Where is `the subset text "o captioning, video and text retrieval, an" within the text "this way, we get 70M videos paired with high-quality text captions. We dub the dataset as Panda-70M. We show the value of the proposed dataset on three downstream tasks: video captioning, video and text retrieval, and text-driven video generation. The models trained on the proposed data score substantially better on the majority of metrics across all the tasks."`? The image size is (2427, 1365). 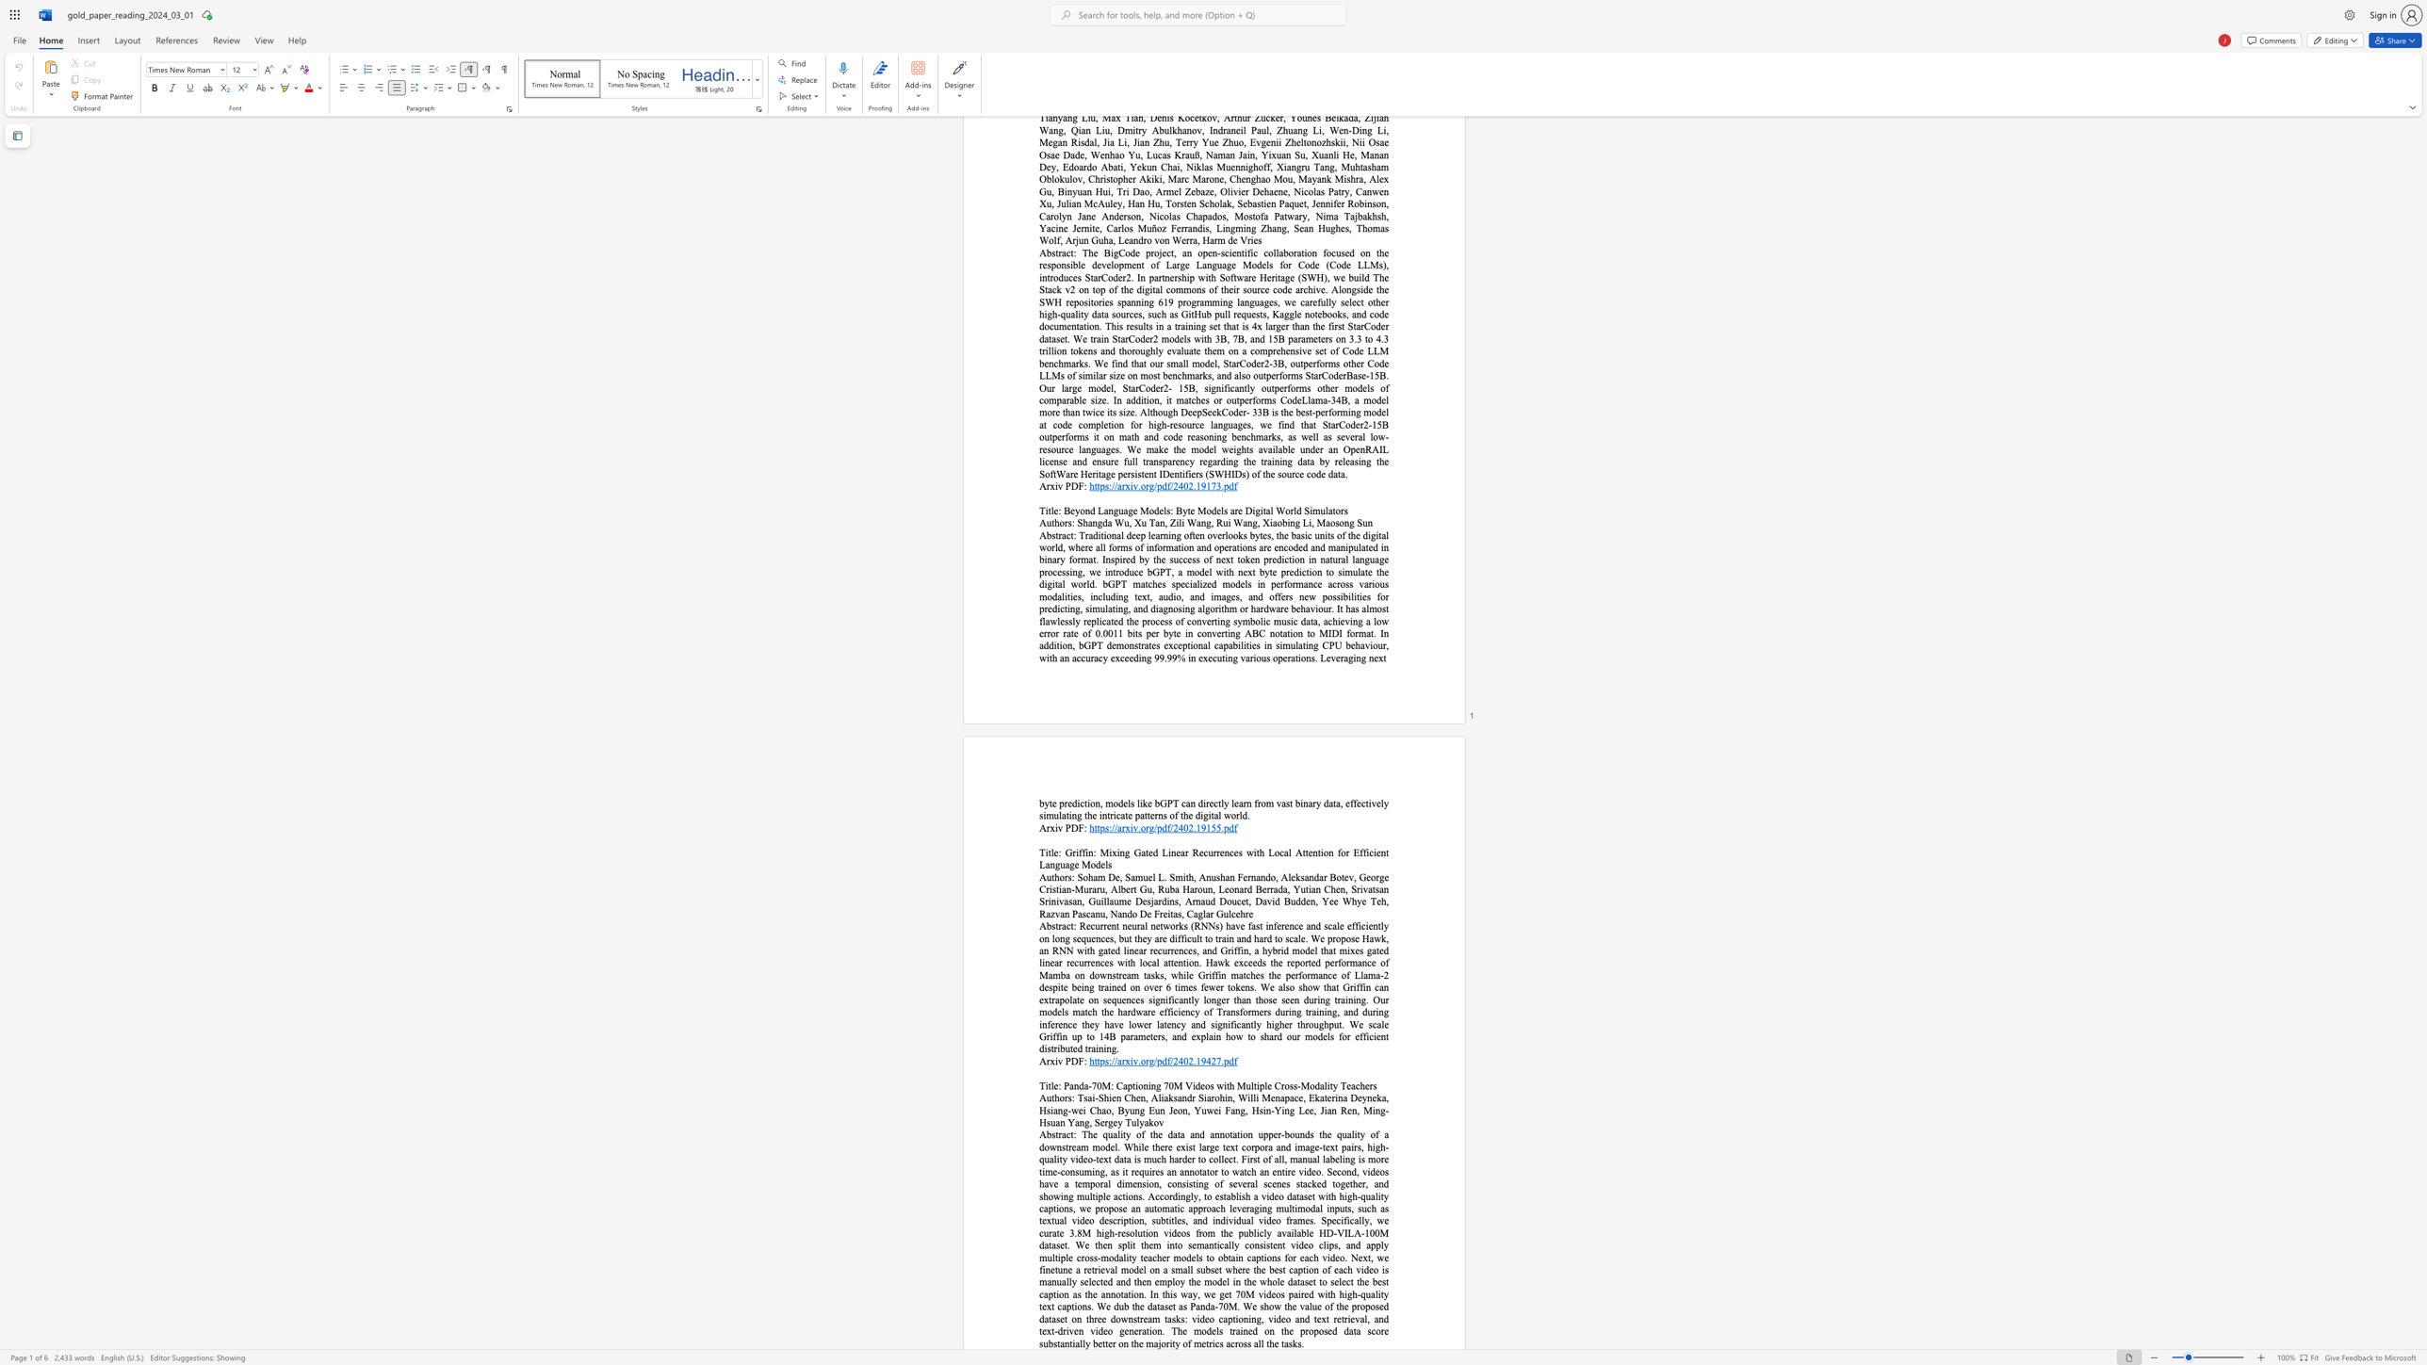 the subset text "o captioning, video and text retrieval, an" within the text "this way, we get 70M videos paired with high-quality text captions. We dub the dataset as Panda-70M. We show the value of the proposed dataset on three downstream tasks: video captioning, video and text retrieval, and text-driven video generation. The models trained on the proposed data score substantially better on the majority of metrics across all the tasks." is located at coordinates (1209, 1319).